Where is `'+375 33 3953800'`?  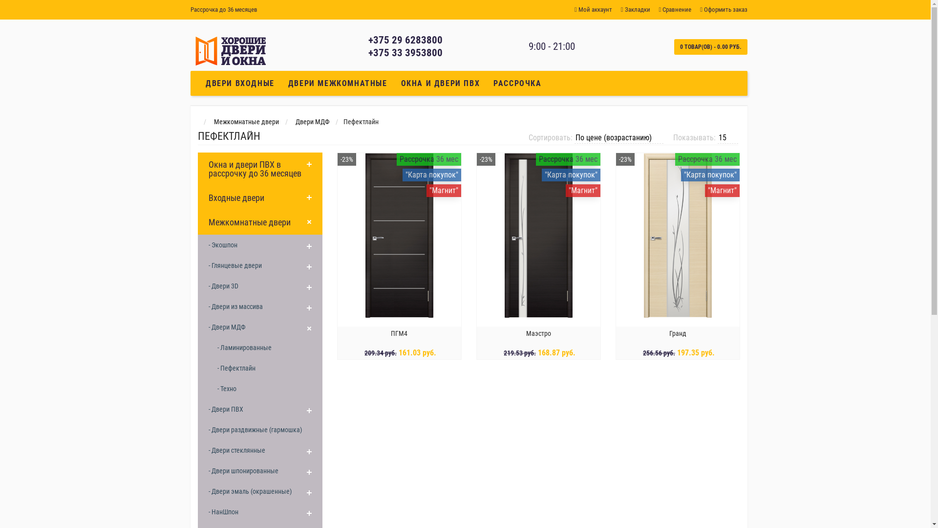 '+375 33 3953800' is located at coordinates (367, 53).